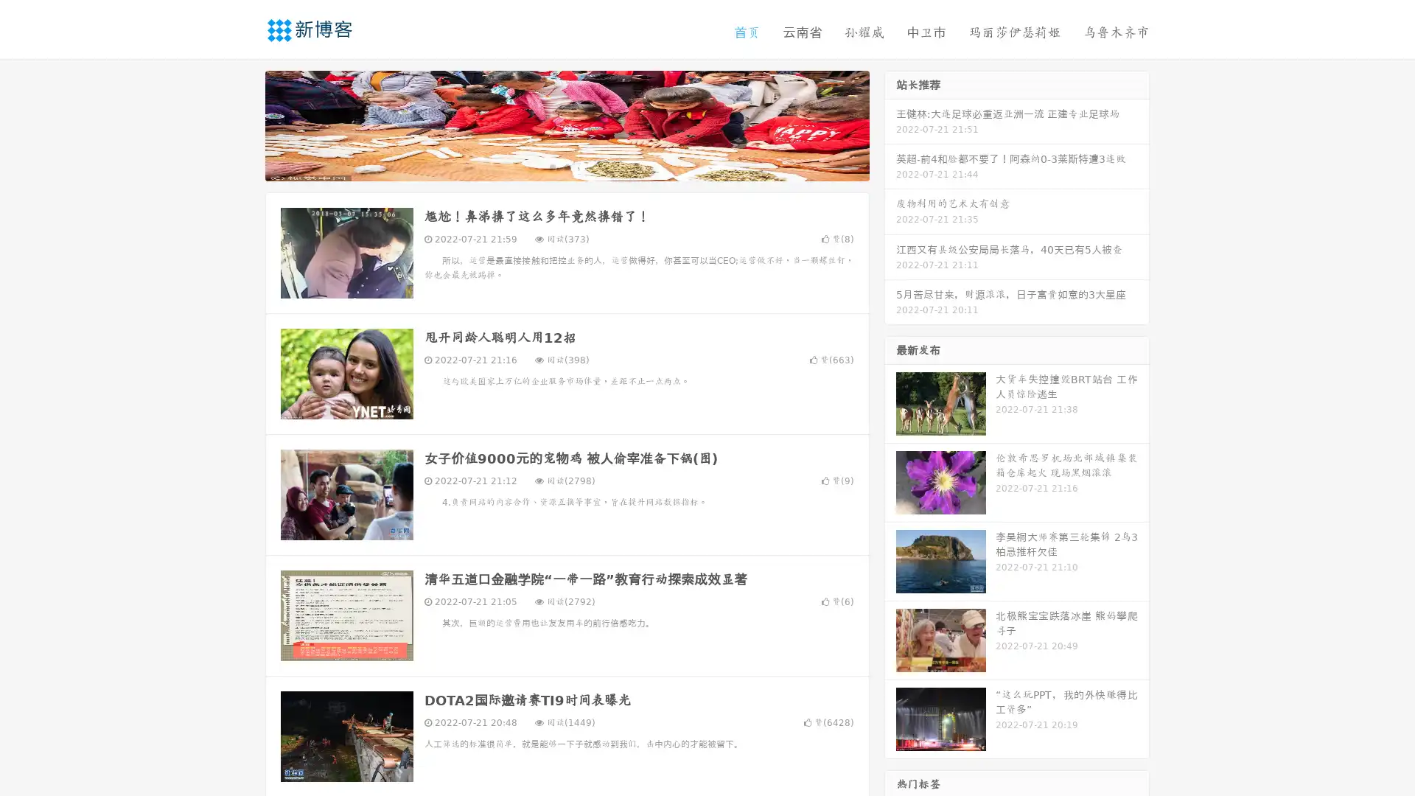  Describe the element at coordinates (243, 124) in the screenshot. I see `Previous slide` at that location.